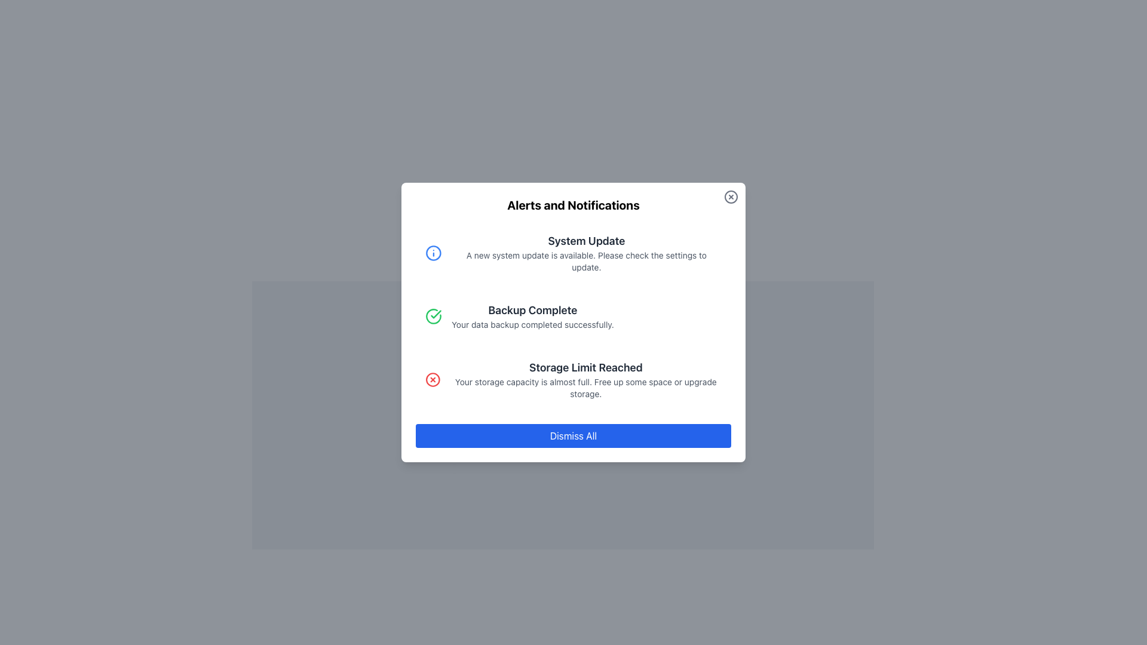 The image size is (1147, 645). I want to click on the circular outline of the close button located in the top-right corner of the modal, which is styled with a cross mark and is part of the 'Alerts and Notifications' section, so click(731, 196).